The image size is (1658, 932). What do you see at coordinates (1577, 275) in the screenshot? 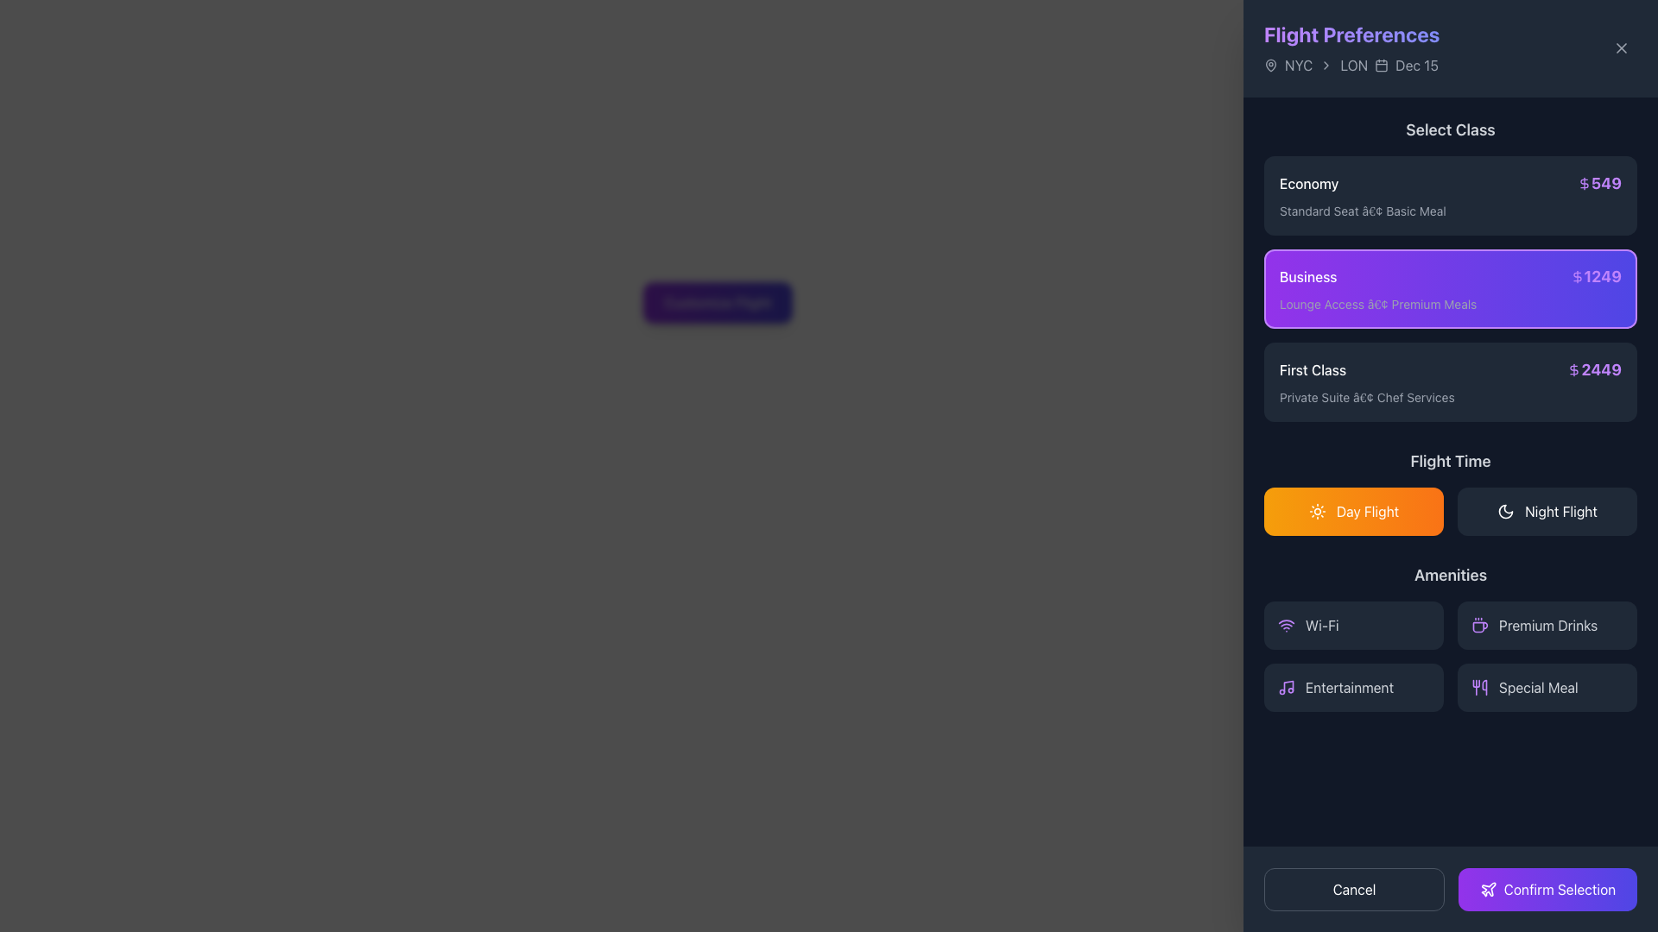
I see `the currency icon located inside the 'Business' option in the 'Select Class' section, positioned to the left of the price text '1249'` at bounding box center [1577, 275].